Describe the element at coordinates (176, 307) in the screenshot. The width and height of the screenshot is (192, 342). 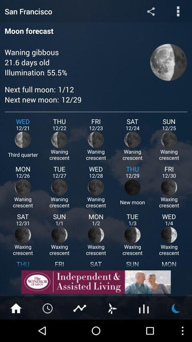
I see `moon cycles` at that location.